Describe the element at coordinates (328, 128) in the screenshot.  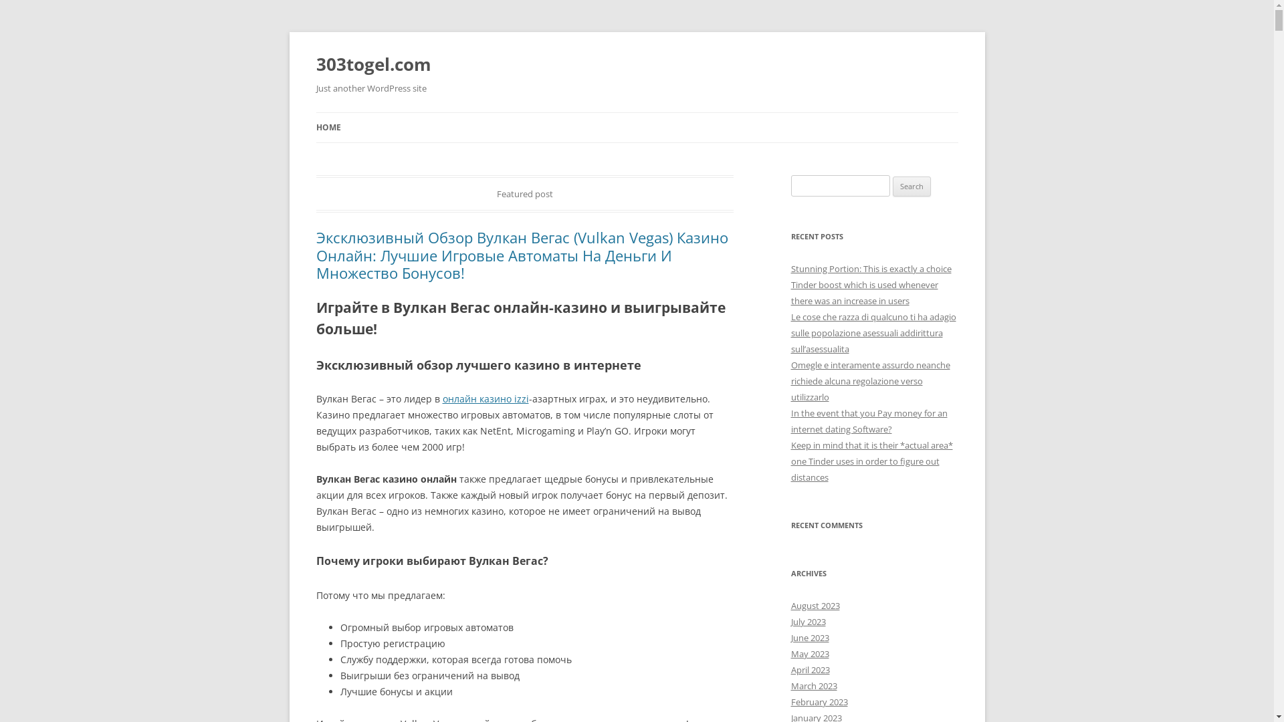
I see `'HOME'` at that location.